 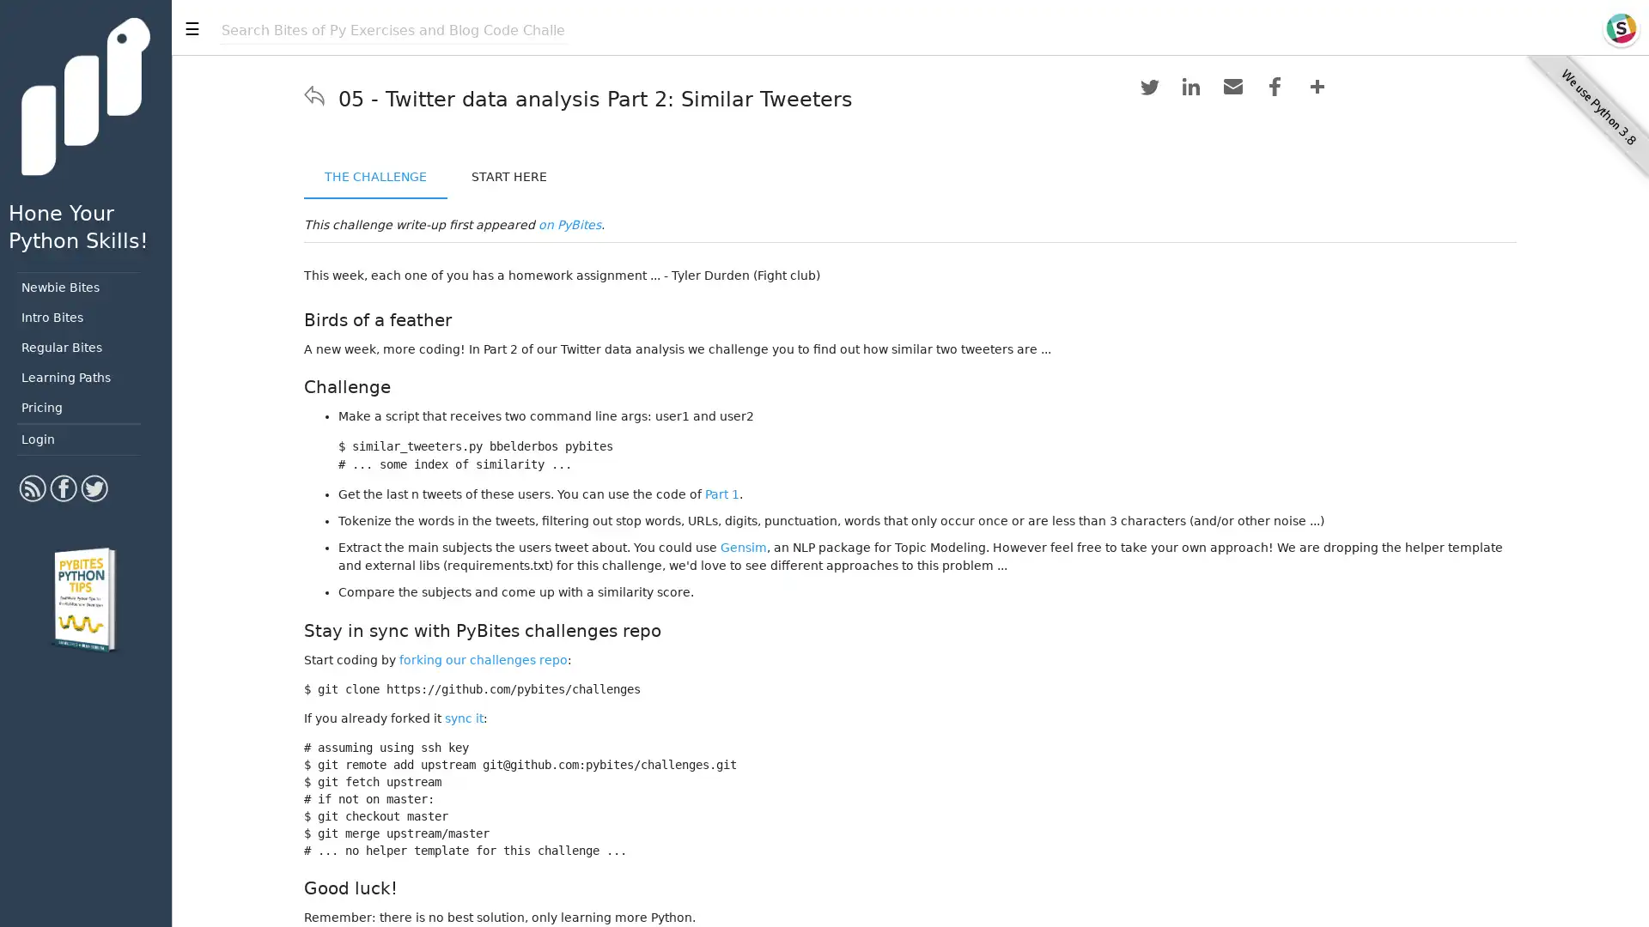 I want to click on Slack icon, so click(x=1620, y=28).